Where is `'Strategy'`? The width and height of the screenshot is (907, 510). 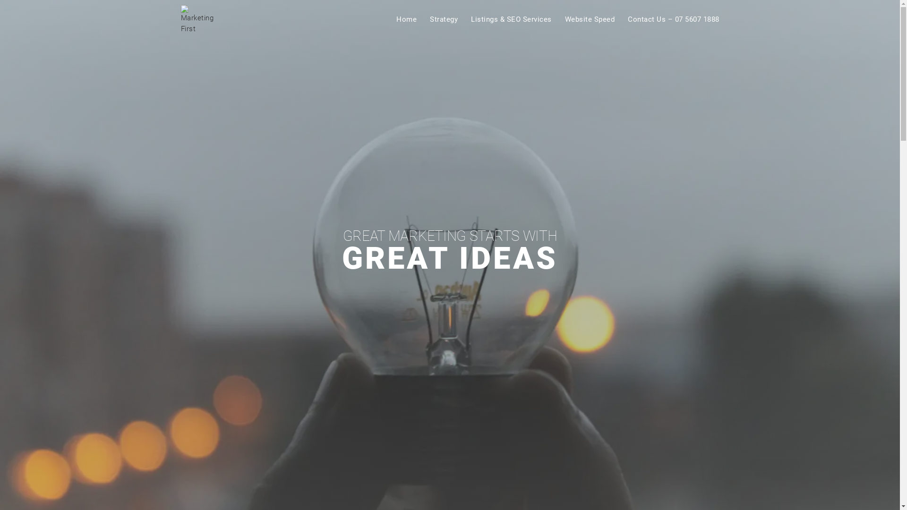
'Strategy' is located at coordinates (443, 19).